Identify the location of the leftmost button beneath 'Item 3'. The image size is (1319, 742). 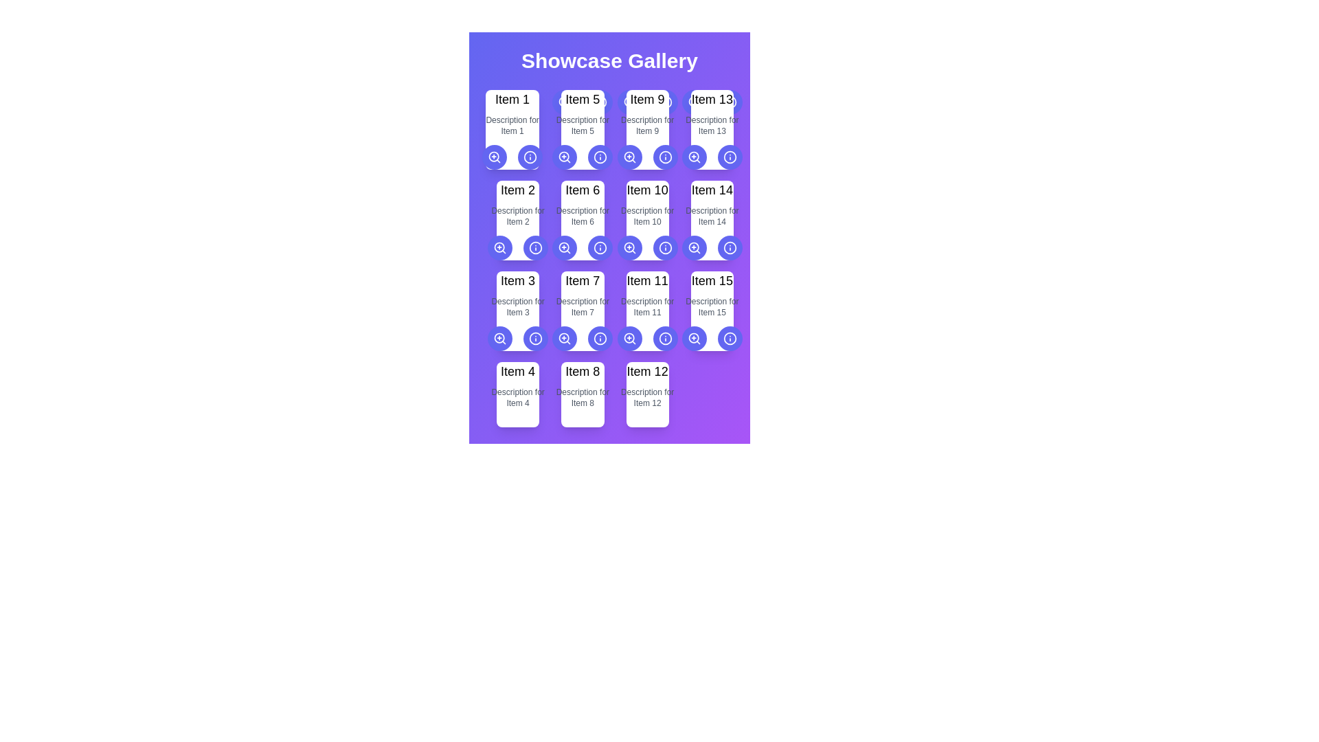
(499, 339).